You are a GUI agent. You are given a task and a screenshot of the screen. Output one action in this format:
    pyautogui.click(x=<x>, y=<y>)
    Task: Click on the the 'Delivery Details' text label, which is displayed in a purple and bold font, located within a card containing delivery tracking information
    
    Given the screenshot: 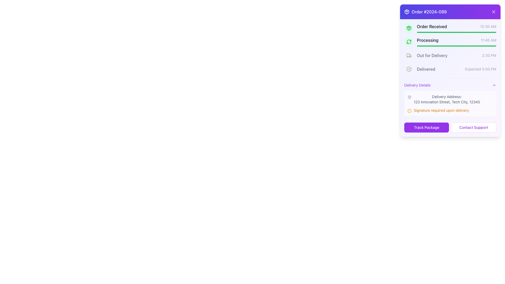 What is the action you would take?
    pyautogui.click(x=417, y=85)
    